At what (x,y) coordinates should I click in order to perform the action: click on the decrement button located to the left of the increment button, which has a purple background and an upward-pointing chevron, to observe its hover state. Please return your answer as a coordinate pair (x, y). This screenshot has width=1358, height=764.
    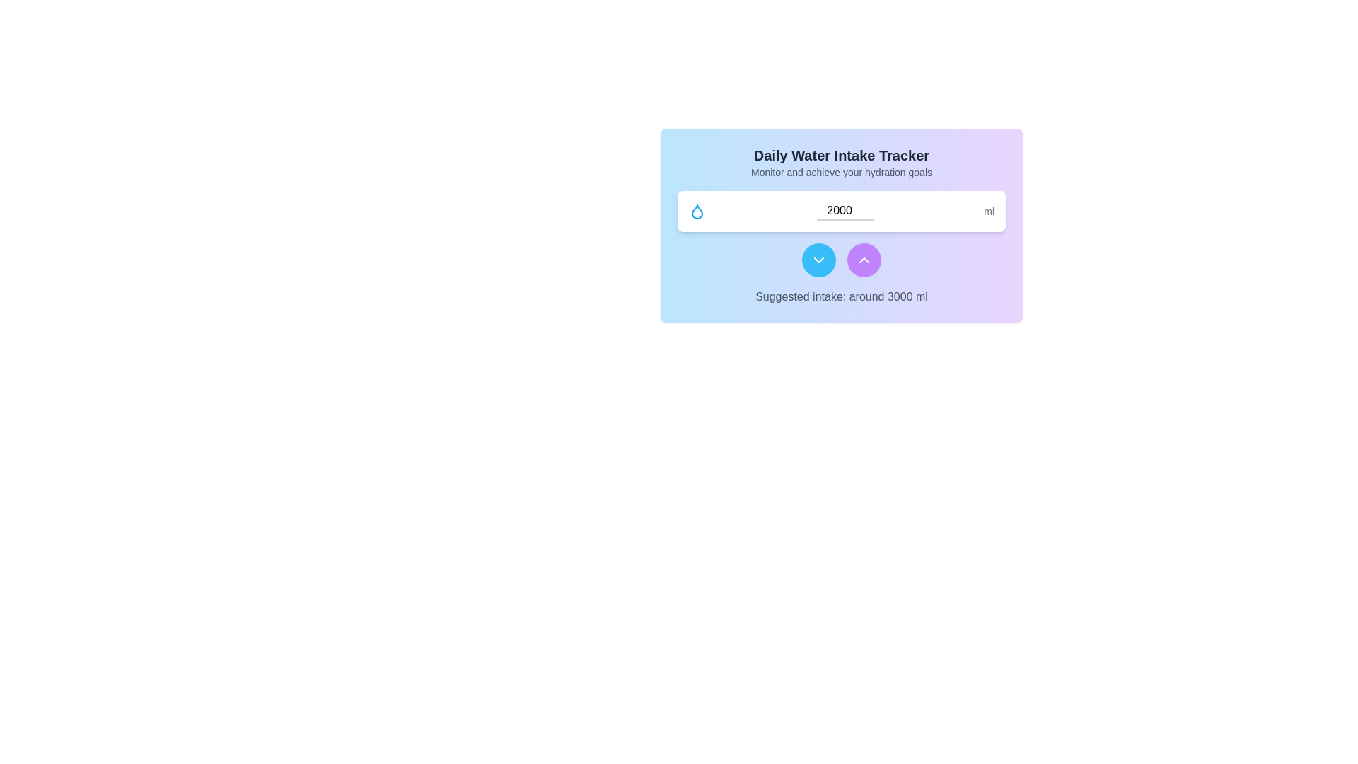
    Looking at the image, I should click on (818, 260).